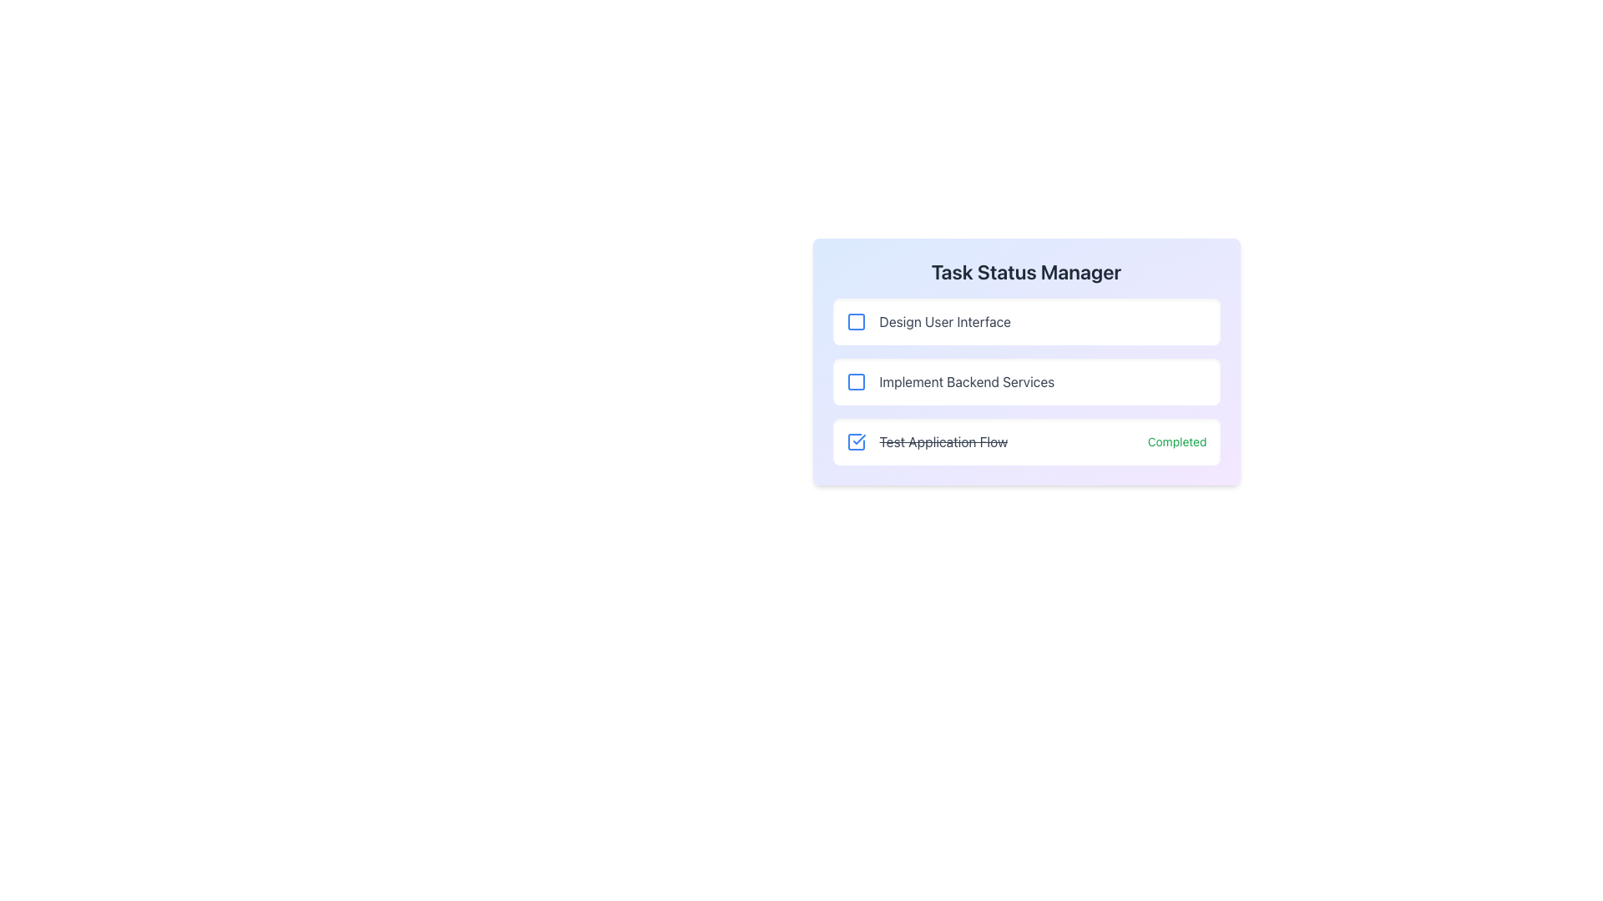  I want to click on the text label 'Implement Backend Services' associated with the checkbox, which is the second task item in the 'Task Status Manager' card, so click(950, 382).